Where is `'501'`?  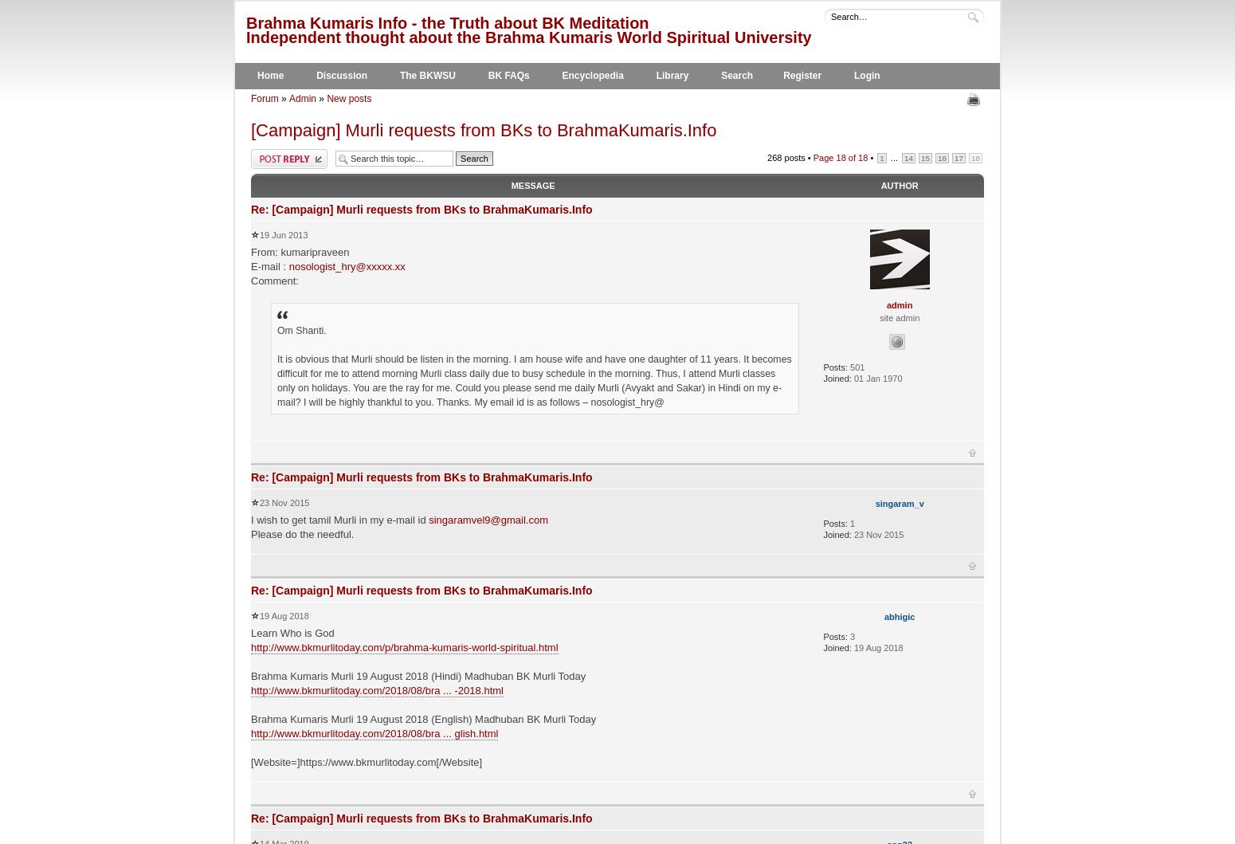 '501' is located at coordinates (846, 367).